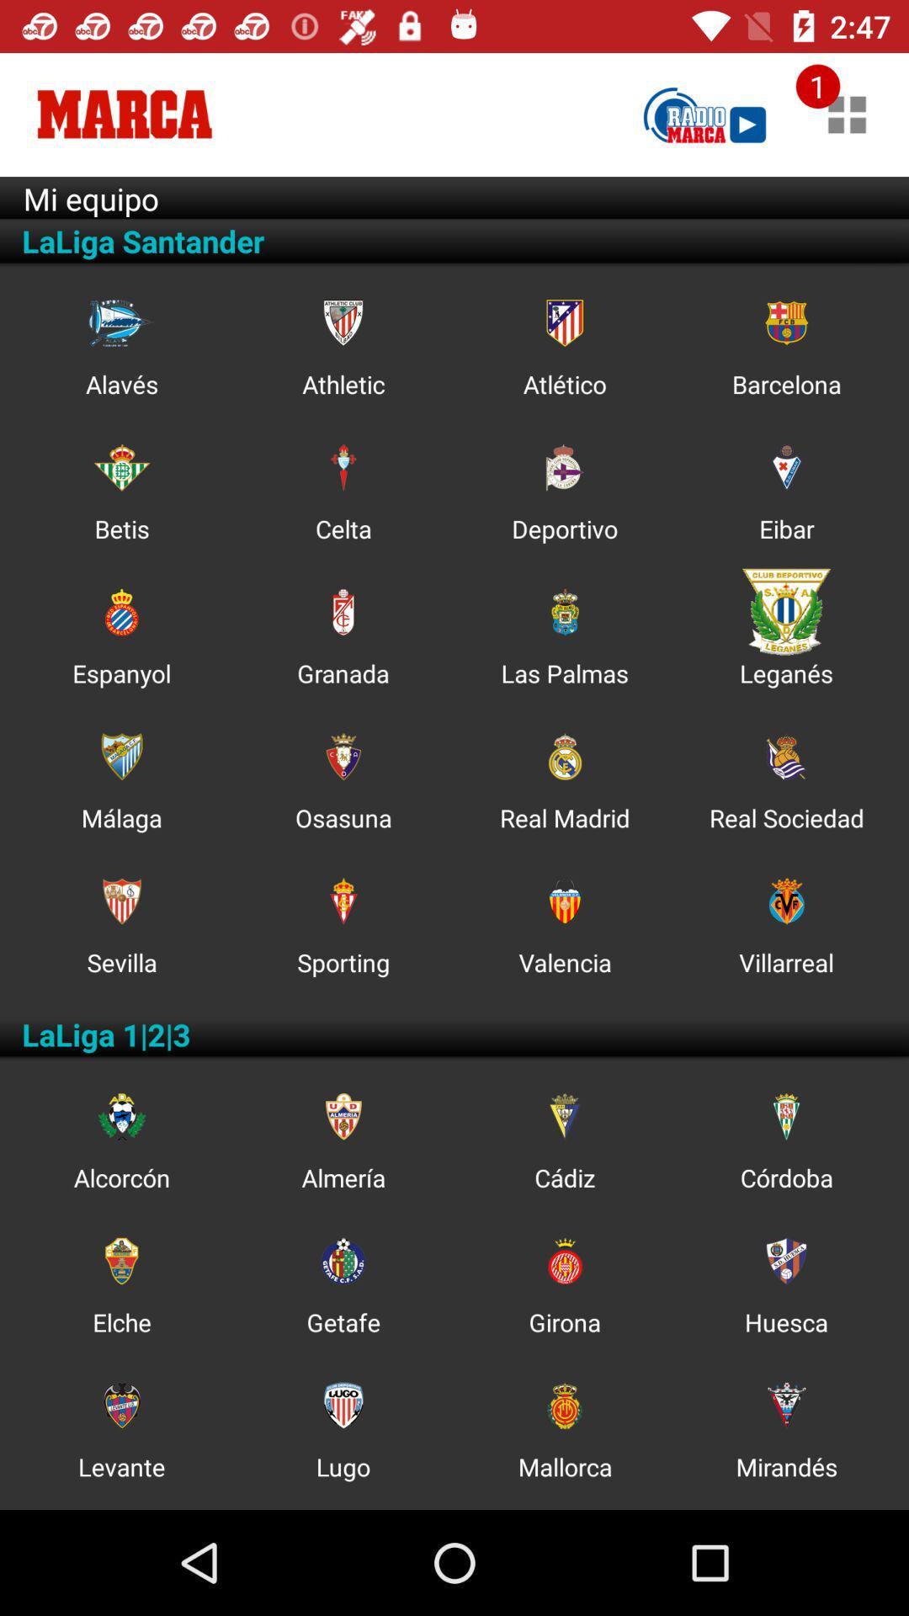  I want to click on the globe icon, so click(565, 756).